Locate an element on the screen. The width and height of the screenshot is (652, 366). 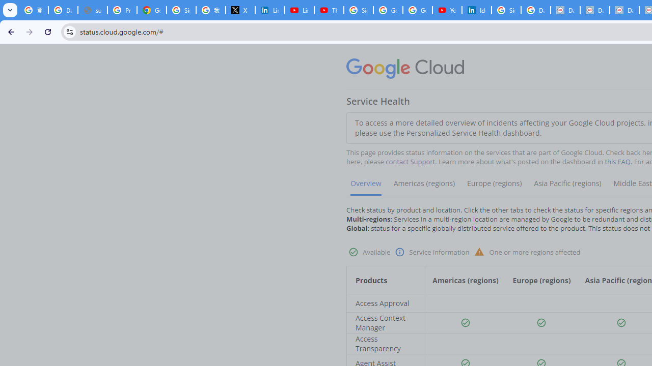
'Warning status' is located at coordinates (479, 252).